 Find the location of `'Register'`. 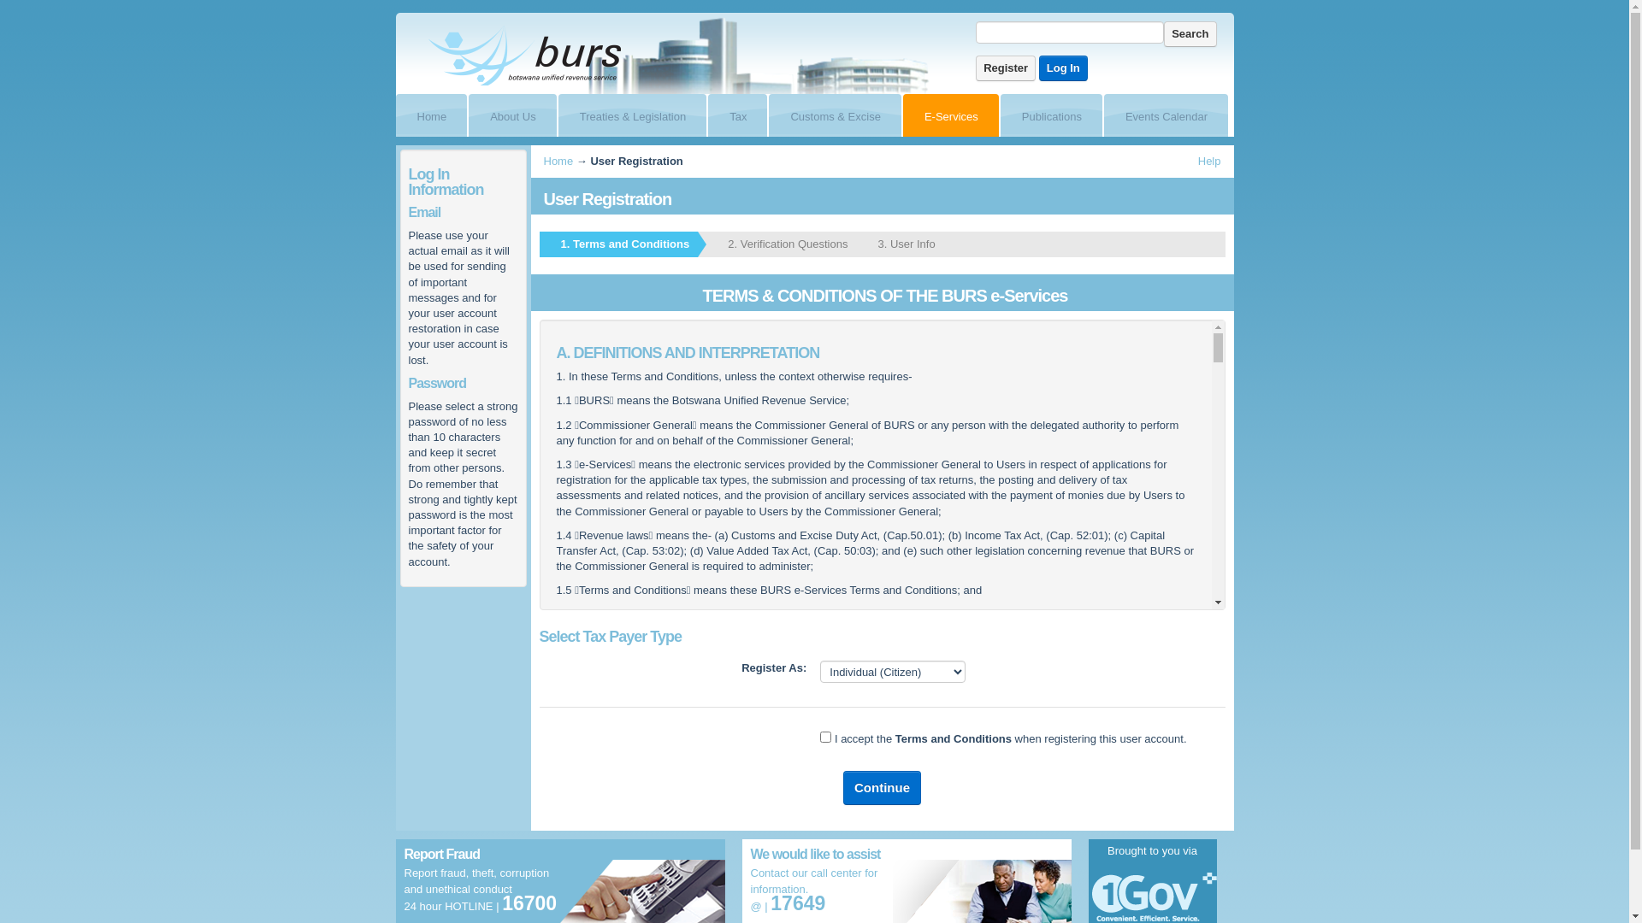

'Register' is located at coordinates (1006, 68).